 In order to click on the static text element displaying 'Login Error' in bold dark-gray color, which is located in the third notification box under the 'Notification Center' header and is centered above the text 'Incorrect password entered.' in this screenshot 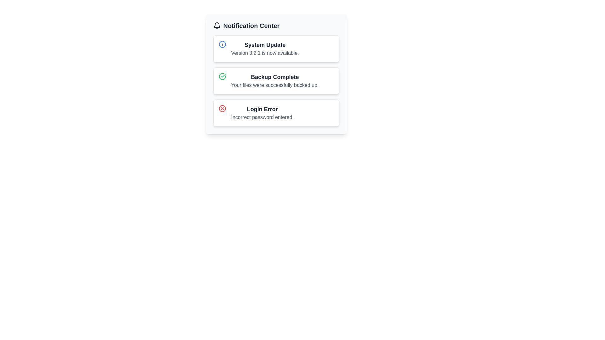, I will do `click(262, 109)`.